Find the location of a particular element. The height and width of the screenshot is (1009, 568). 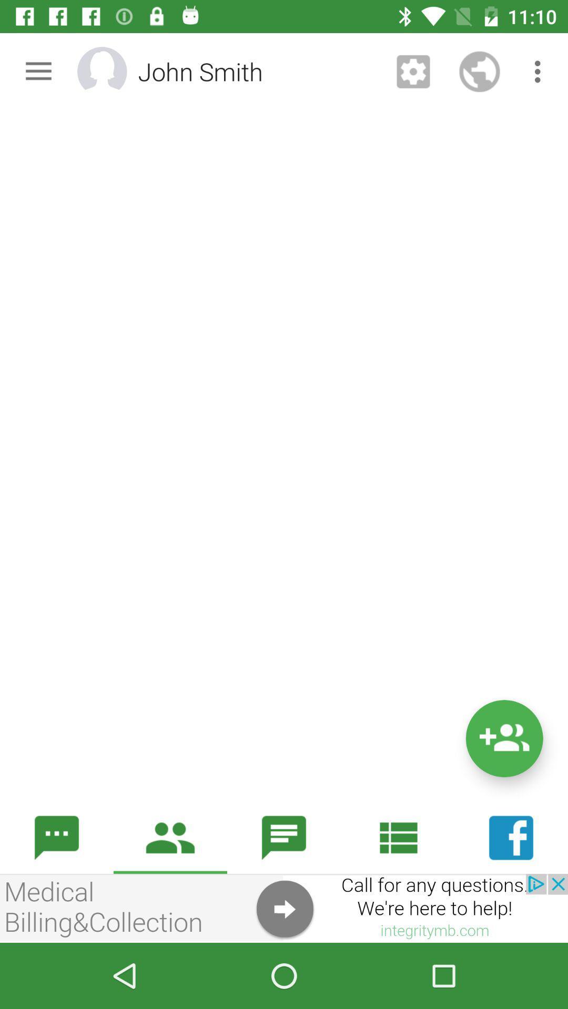

change profile photo is located at coordinates (116, 71).